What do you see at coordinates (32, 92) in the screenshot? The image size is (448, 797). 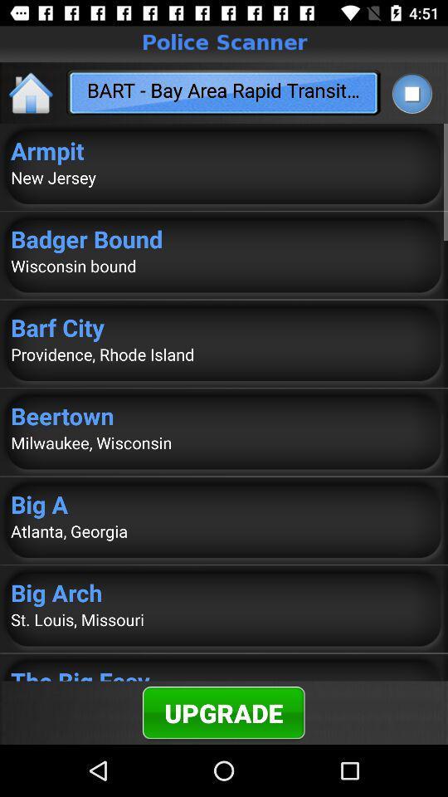 I see `go home` at bounding box center [32, 92].